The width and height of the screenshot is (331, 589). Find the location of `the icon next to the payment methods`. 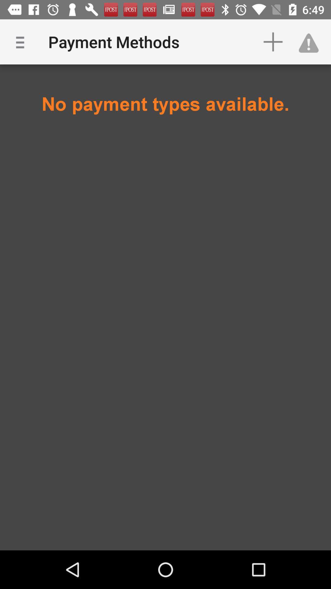

the icon next to the payment methods is located at coordinates (22, 41).